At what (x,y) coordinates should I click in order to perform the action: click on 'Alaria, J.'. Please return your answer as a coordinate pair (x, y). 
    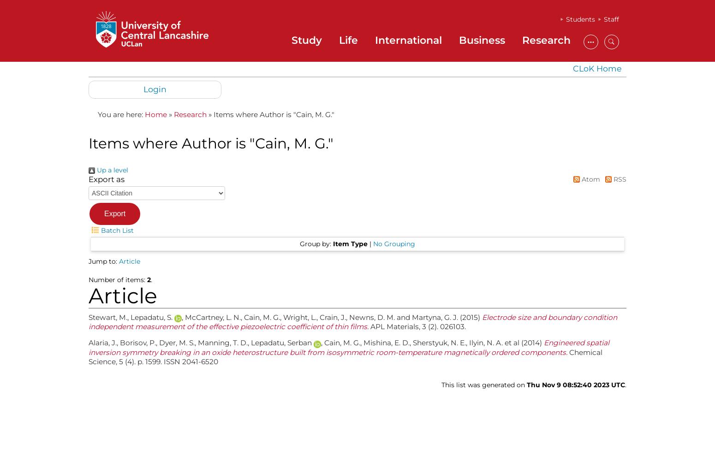
    Looking at the image, I should click on (102, 342).